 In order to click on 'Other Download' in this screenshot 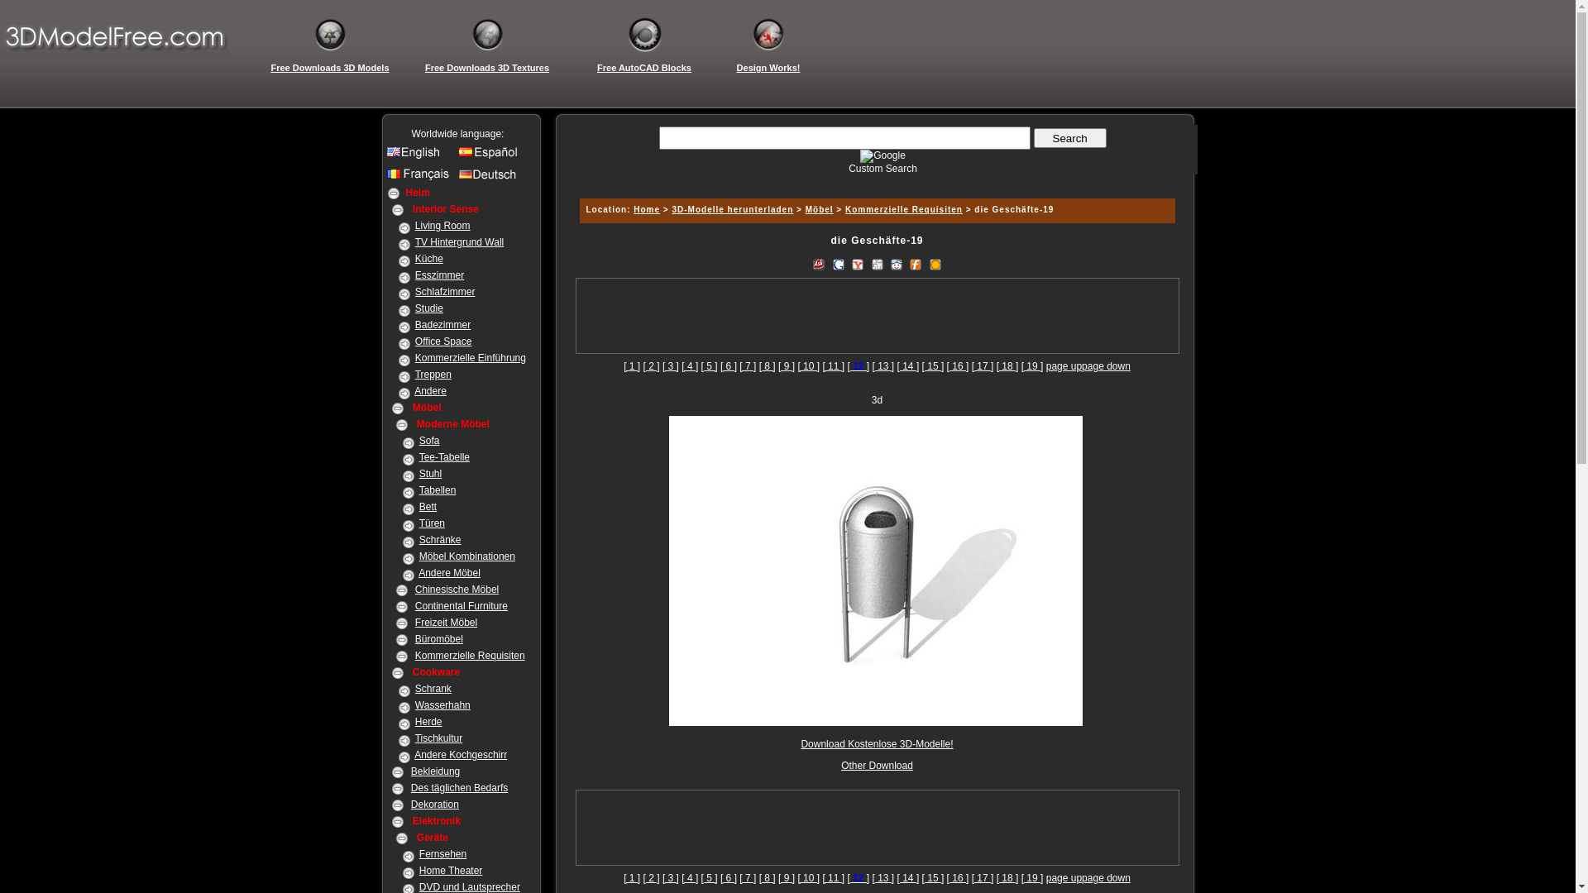, I will do `click(841, 765)`.